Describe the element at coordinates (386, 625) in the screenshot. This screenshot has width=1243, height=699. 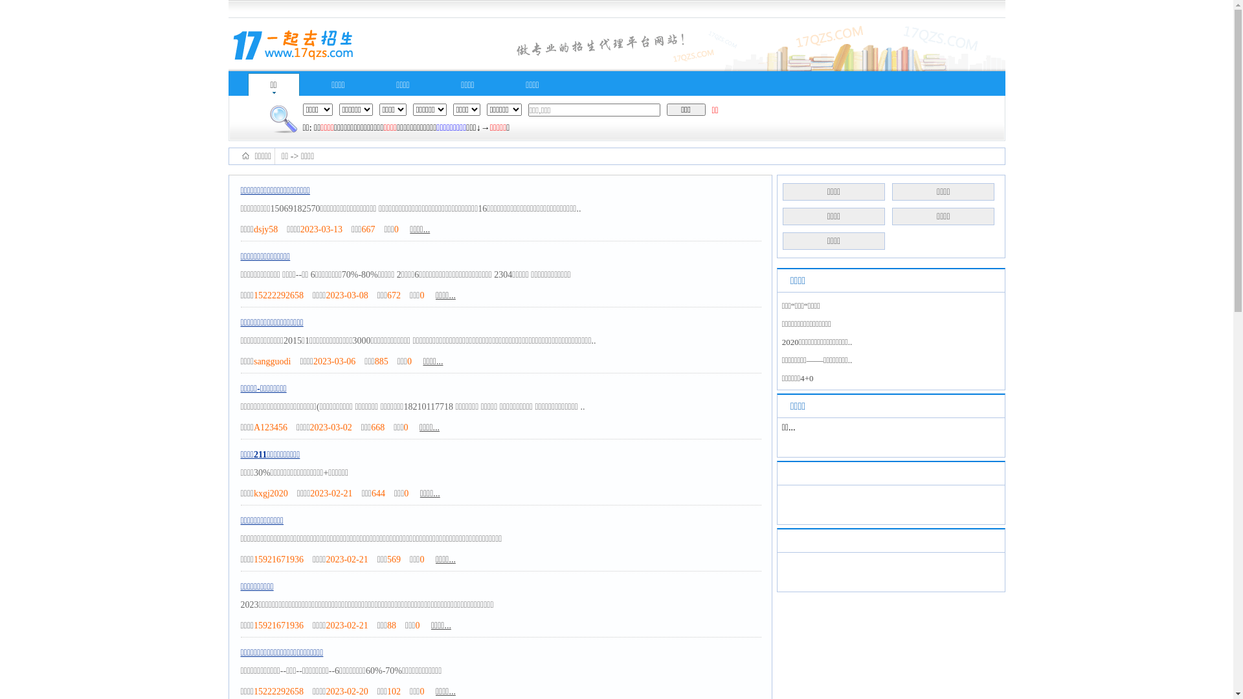
I see `'88'` at that location.